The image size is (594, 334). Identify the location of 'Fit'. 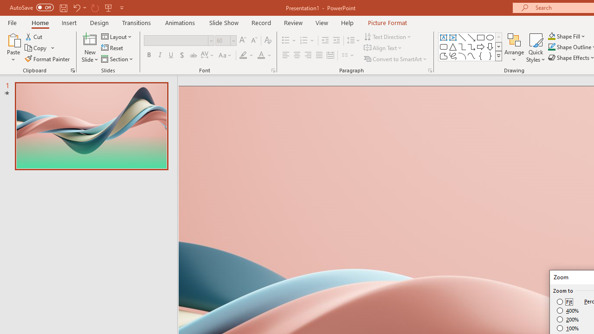
(564, 302).